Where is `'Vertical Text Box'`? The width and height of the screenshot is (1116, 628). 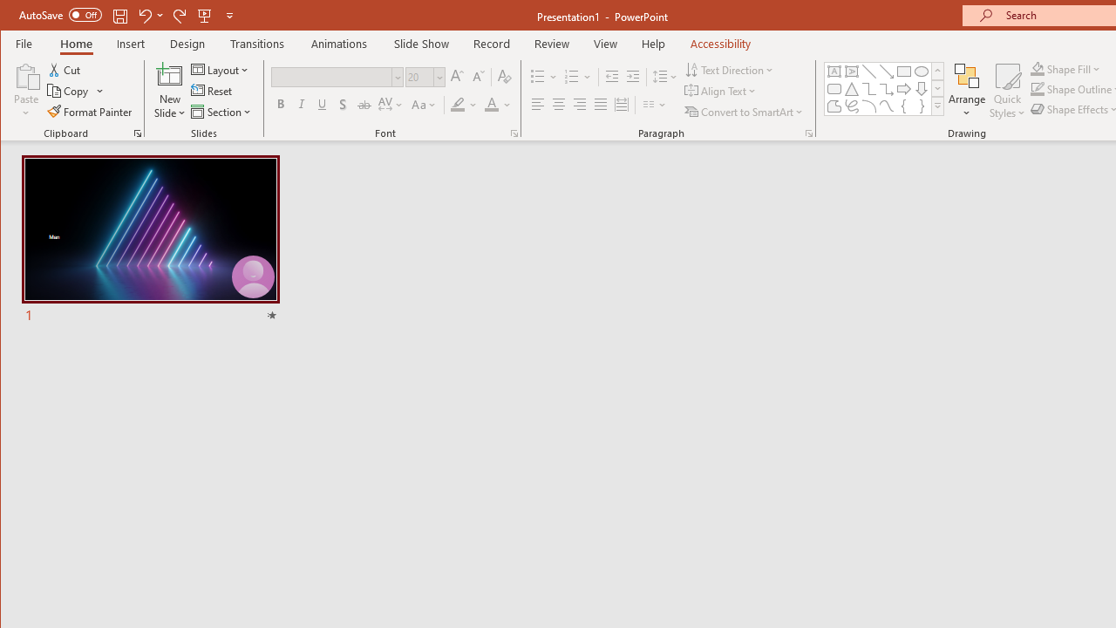
'Vertical Text Box' is located at coordinates (851, 71).